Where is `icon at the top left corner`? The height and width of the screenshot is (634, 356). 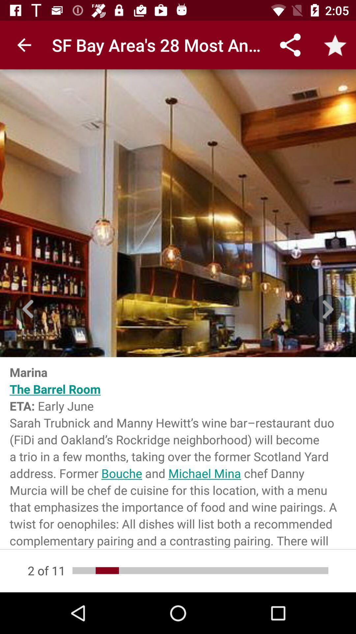 icon at the top left corner is located at coordinates (24, 45).